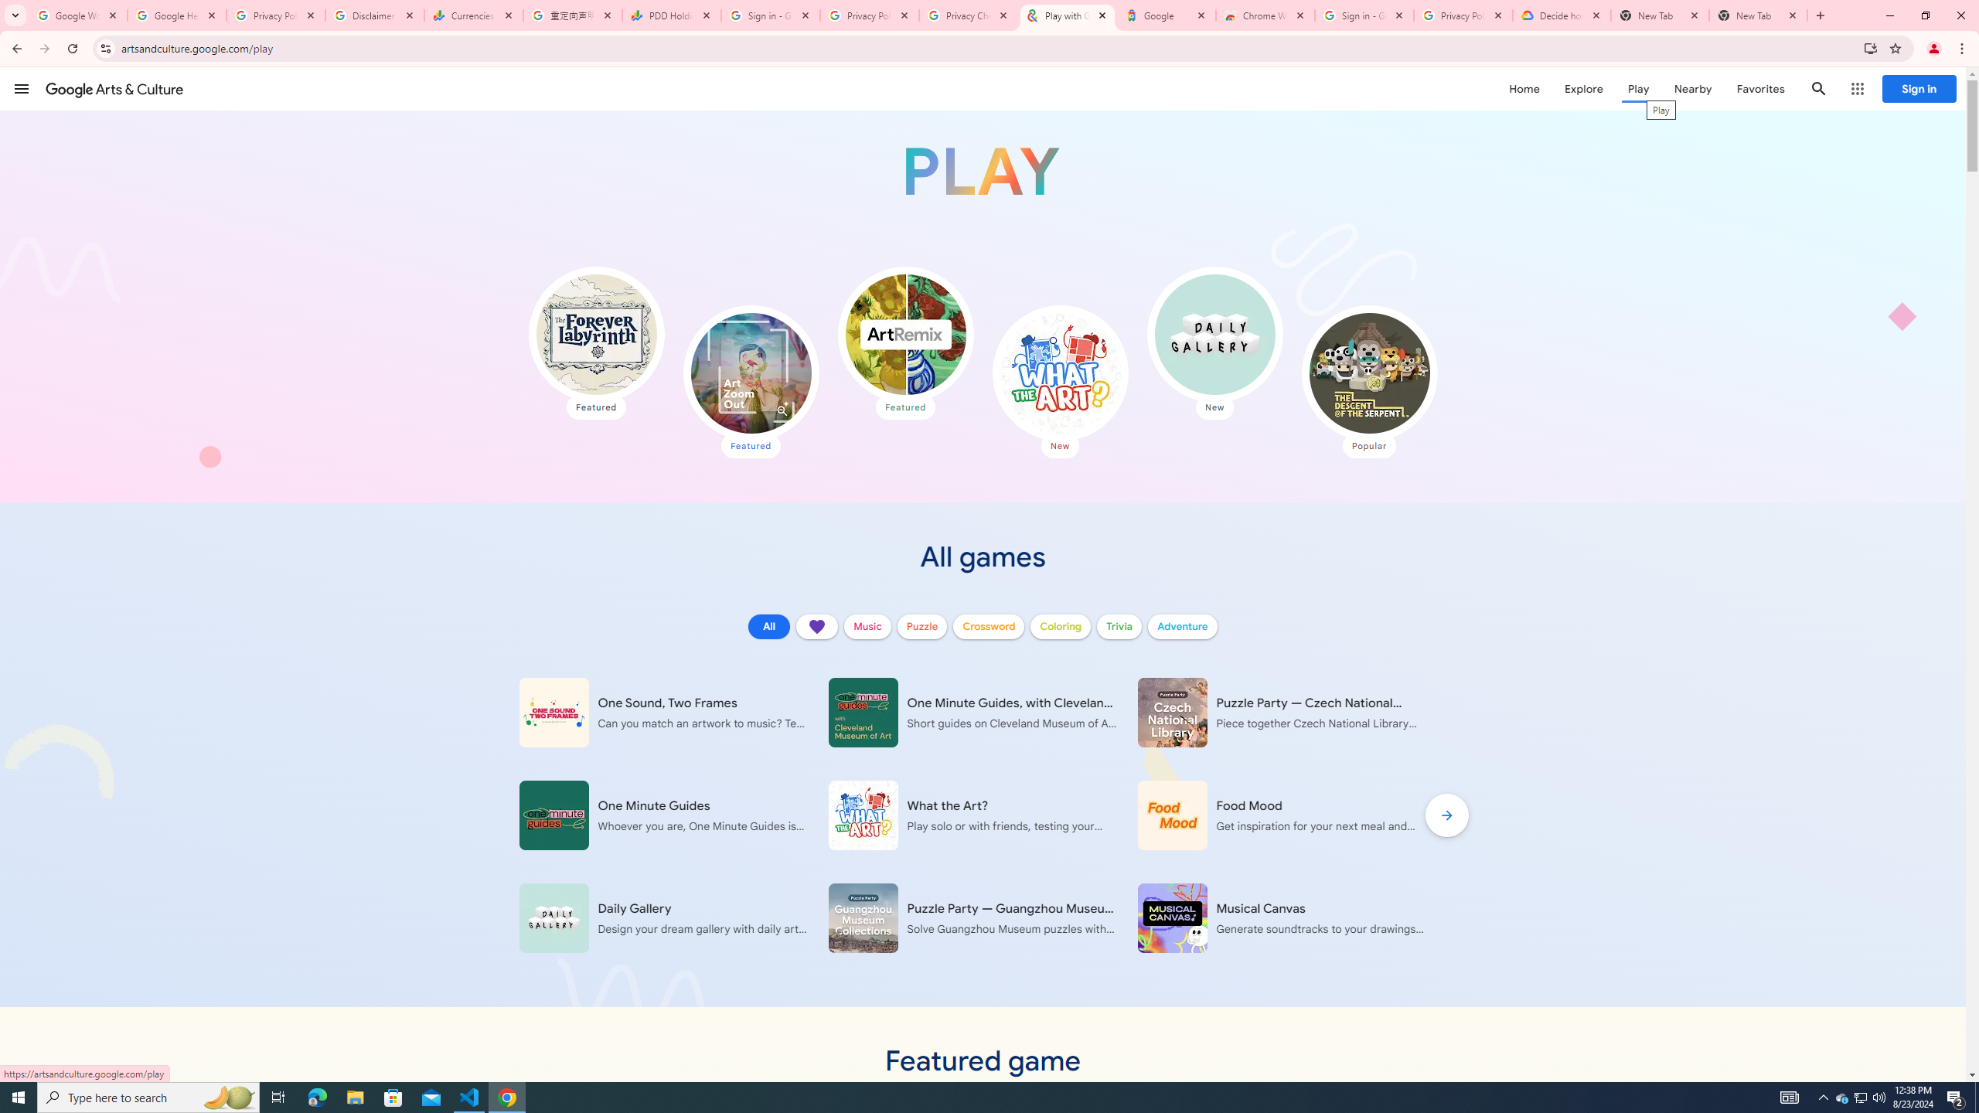 The width and height of the screenshot is (1979, 1113). Describe the element at coordinates (78, 15) in the screenshot. I see `'Google Workspace Admin Community'` at that location.